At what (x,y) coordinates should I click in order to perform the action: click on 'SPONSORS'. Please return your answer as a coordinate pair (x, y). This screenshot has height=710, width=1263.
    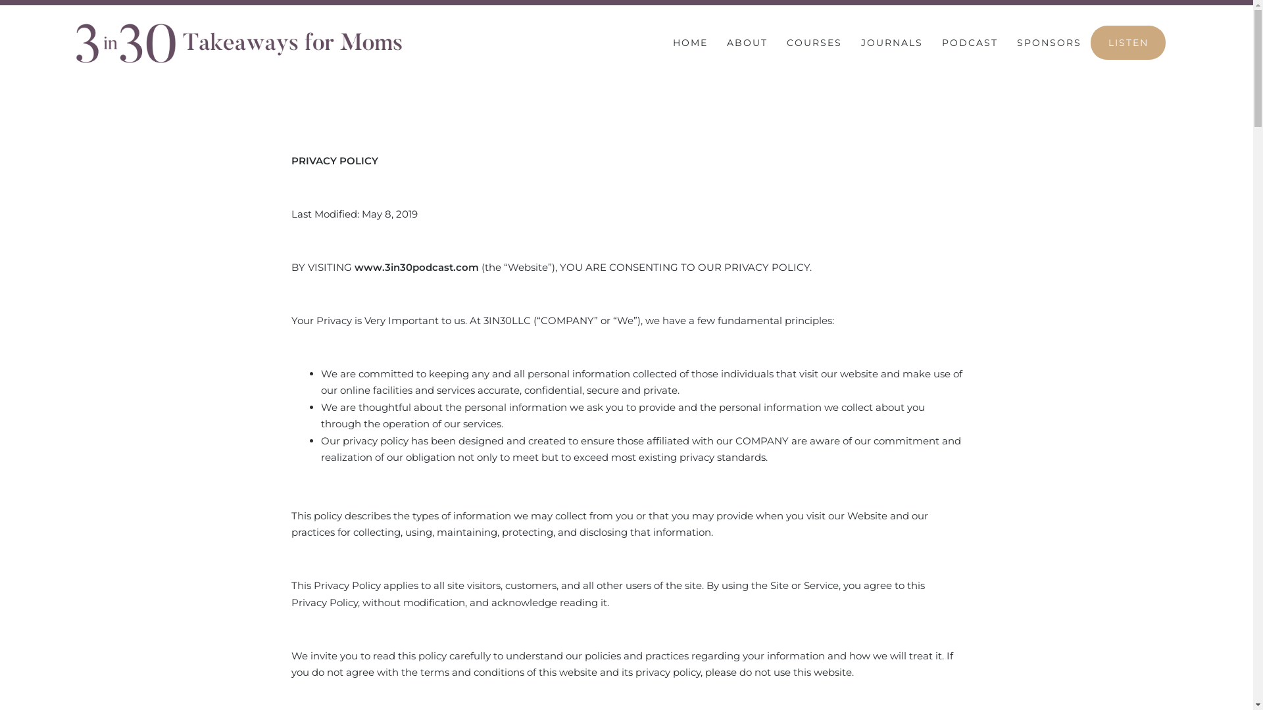
    Looking at the image, I should click on (1048, 42).